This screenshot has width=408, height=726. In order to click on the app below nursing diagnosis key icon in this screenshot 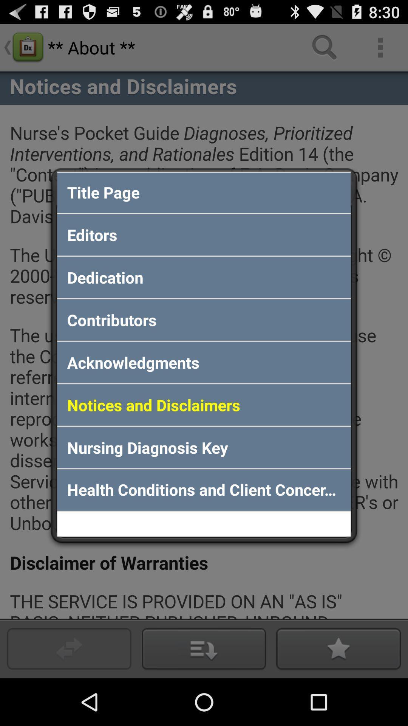, I will do `click(204, 490)`.